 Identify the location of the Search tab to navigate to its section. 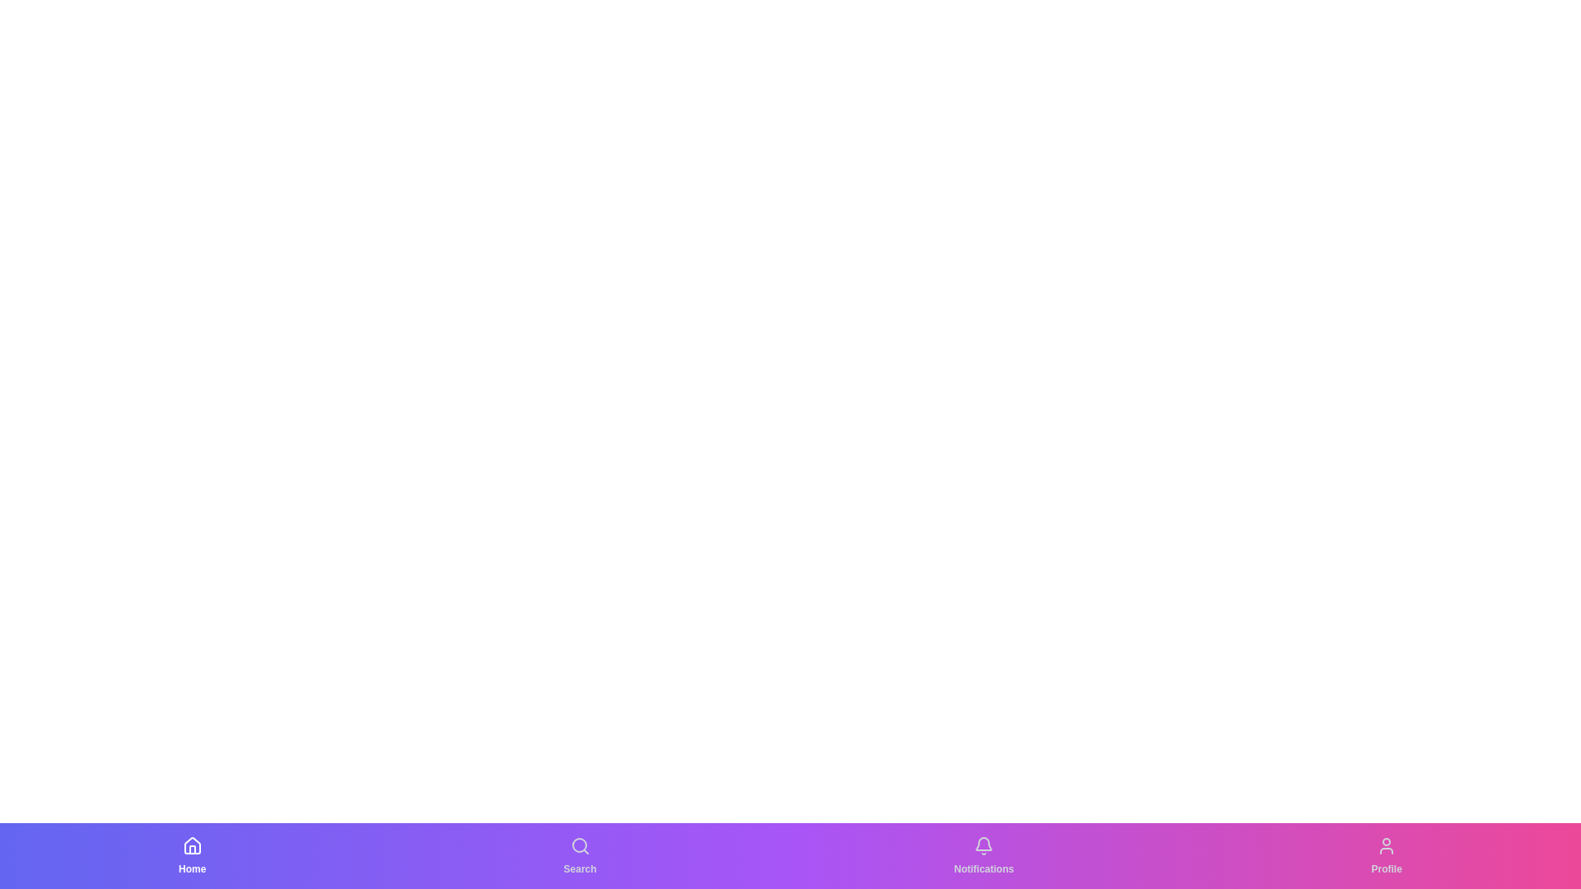
(580, 855).